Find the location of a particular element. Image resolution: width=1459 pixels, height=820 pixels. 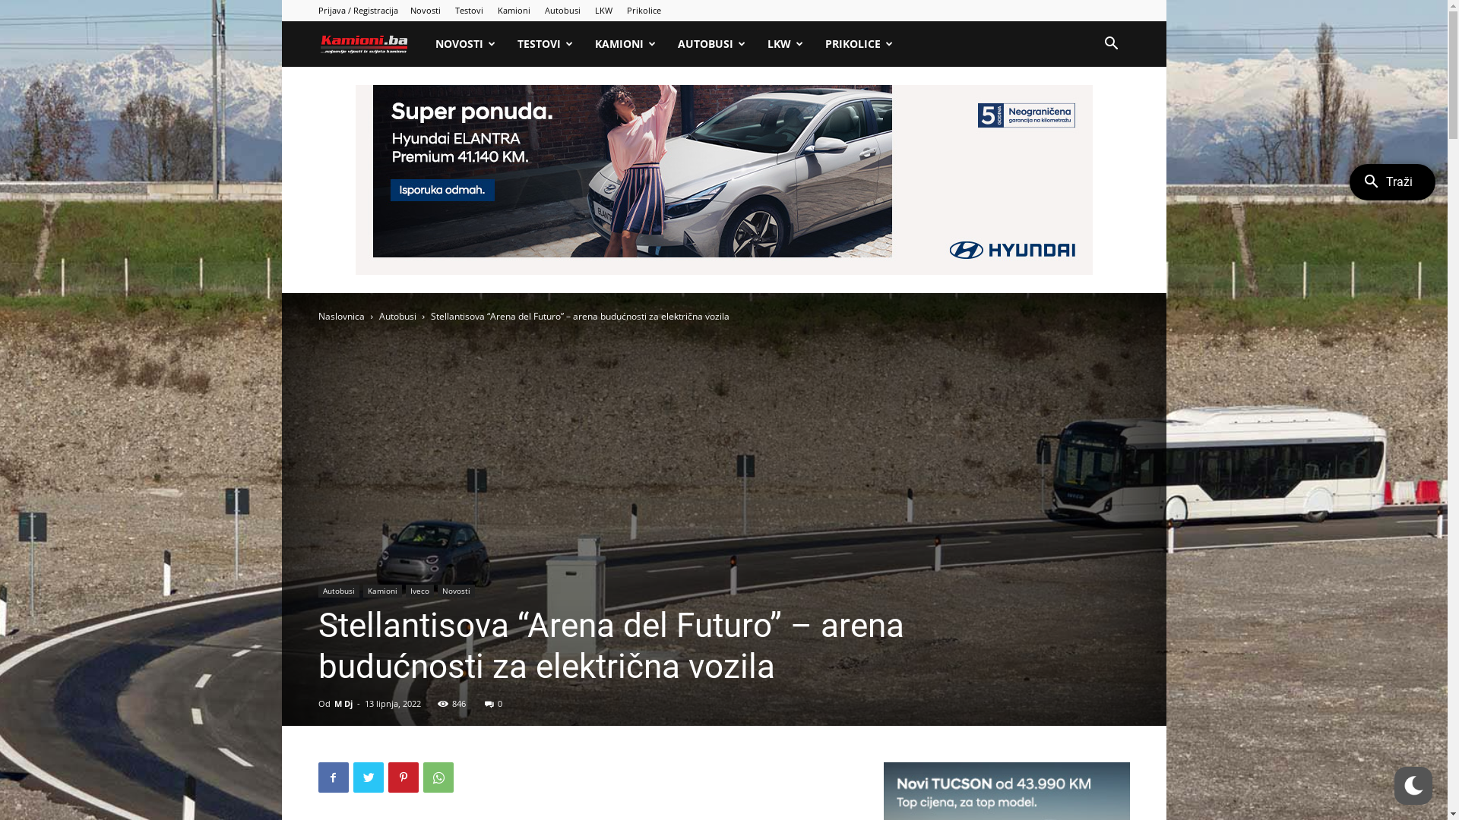

'NOVOSTI' is located at coordinates (465, 43).